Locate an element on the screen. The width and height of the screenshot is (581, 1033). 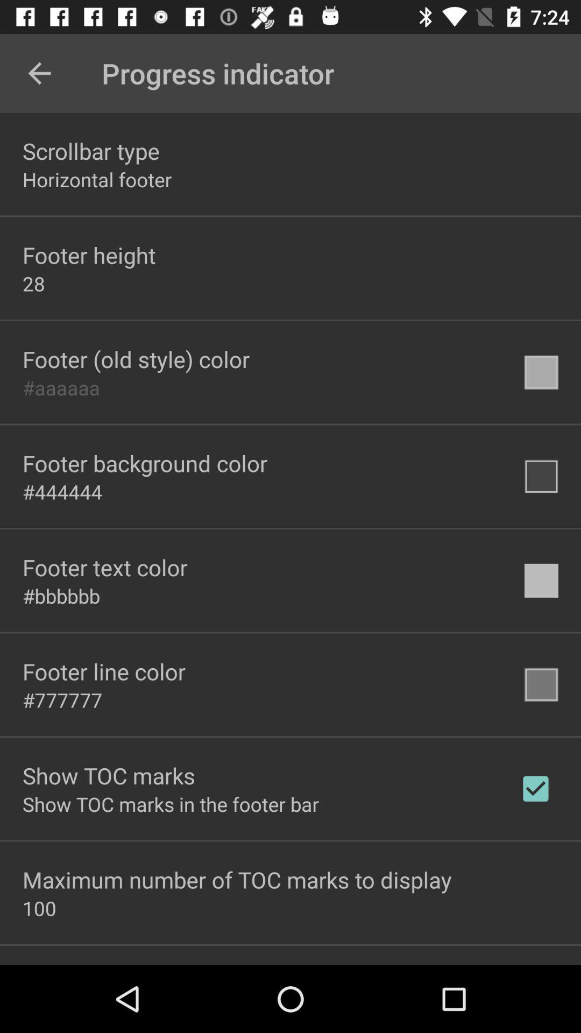
previous page is located at coordinates (39, 73).